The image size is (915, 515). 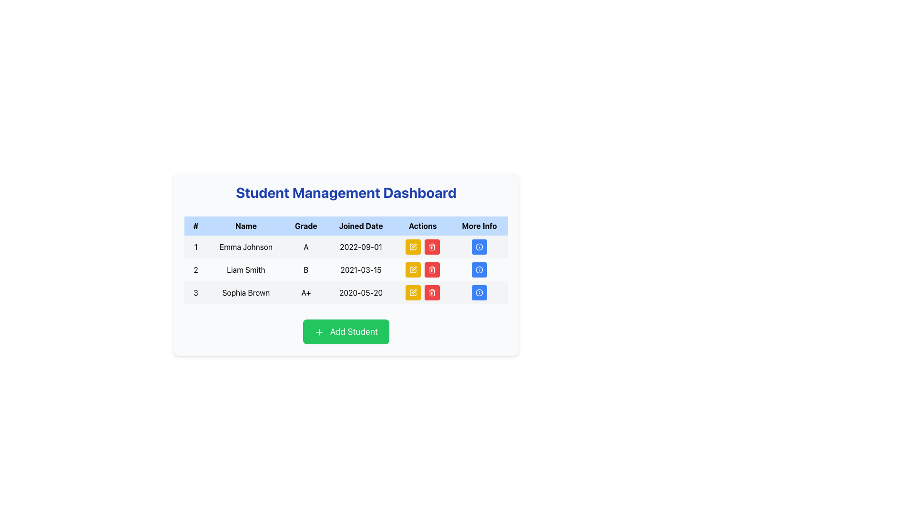 I want to click on the red trash can icon button representing delete action in the 'Actions' column for 'Sophia Brown', so click(x=432, y=292).